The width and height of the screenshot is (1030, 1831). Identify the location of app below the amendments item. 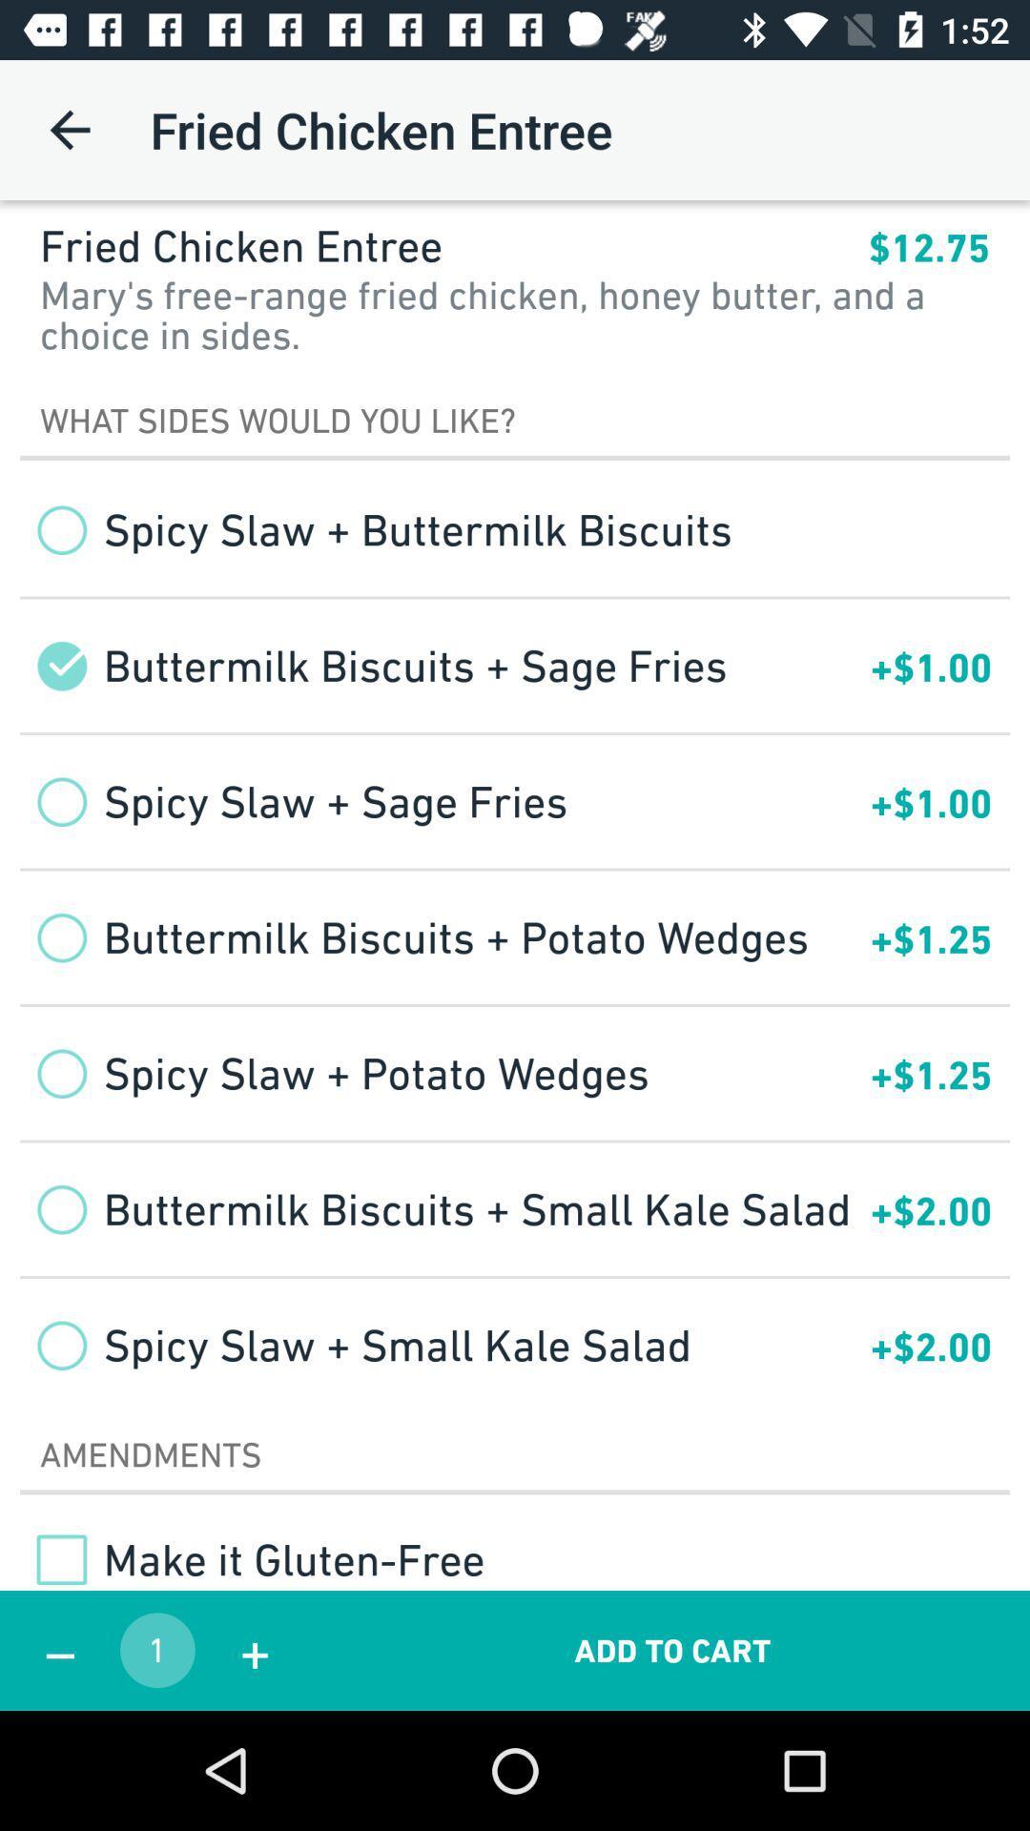
(251, 1559).